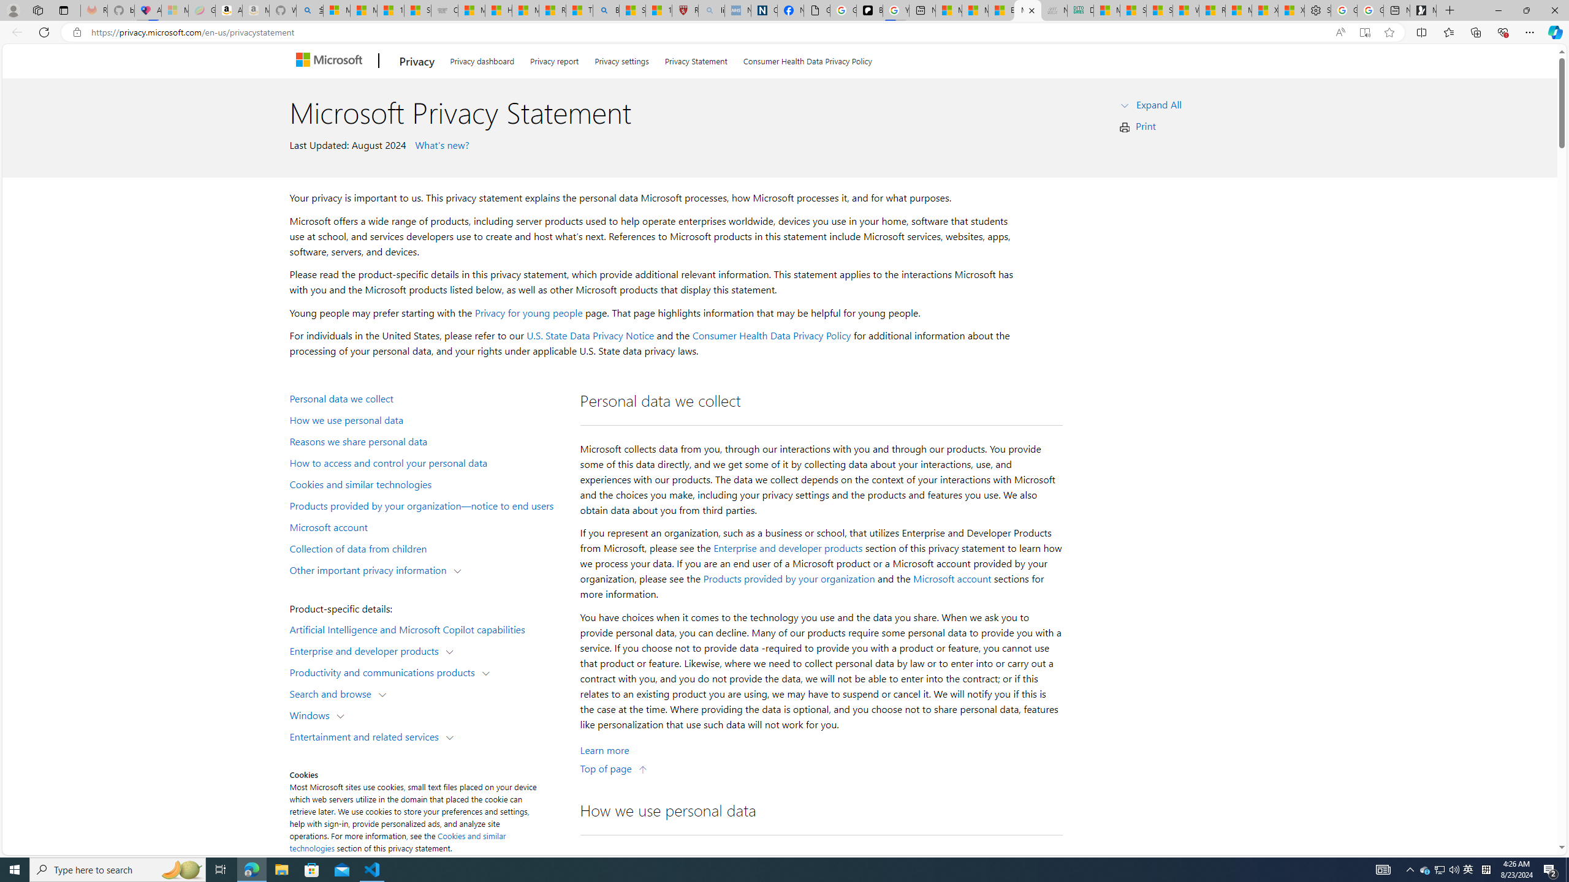 Image resolution: width=1569 pixels, height=882 pixels. Describe the element at coordinates (367, 735) in the screenshot. I see `'Entertainment and related services'` at that location.